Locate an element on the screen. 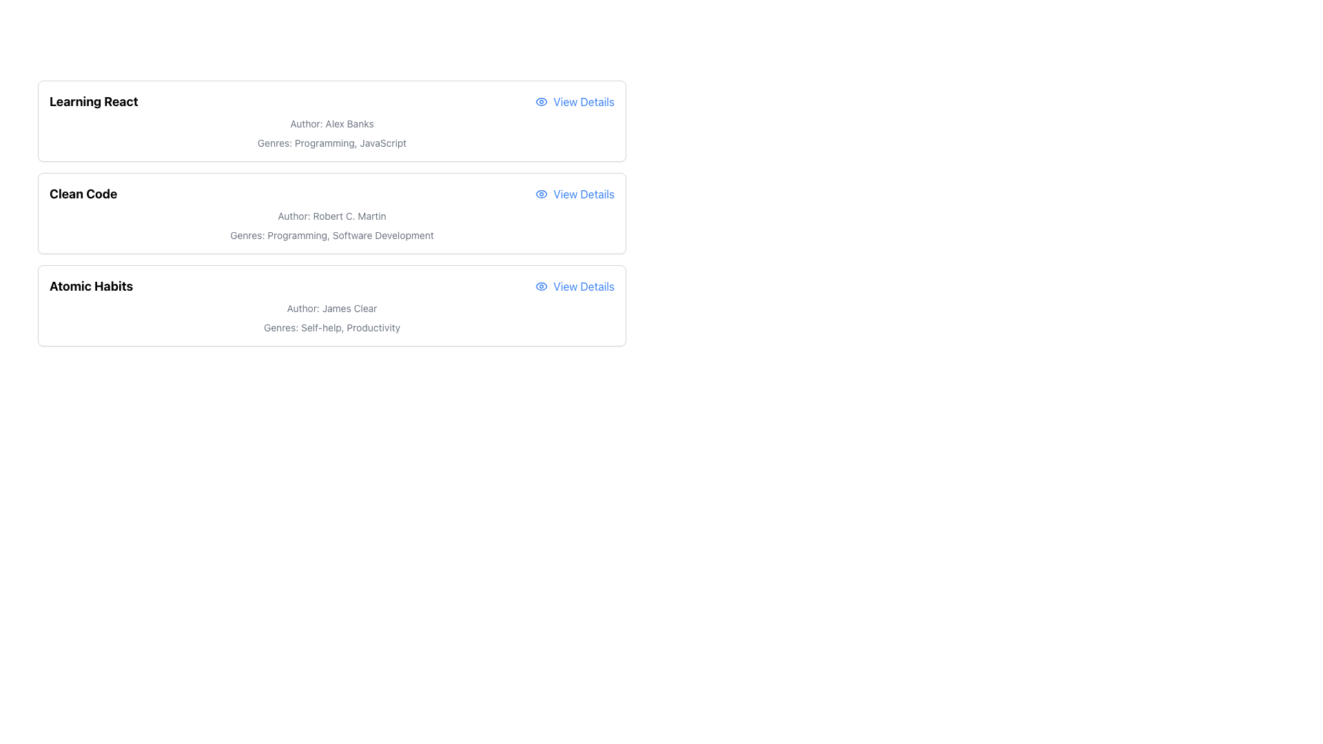 Image resolution: width=1323 pixels, height=744 pixels. the text label displaying 'Genres: Programming, JavaScript', which is styled in a small, light gray font and located in the second row of text in a card-like display beneath 'Author: Alex Banks' is located at coordinates (331, 143).